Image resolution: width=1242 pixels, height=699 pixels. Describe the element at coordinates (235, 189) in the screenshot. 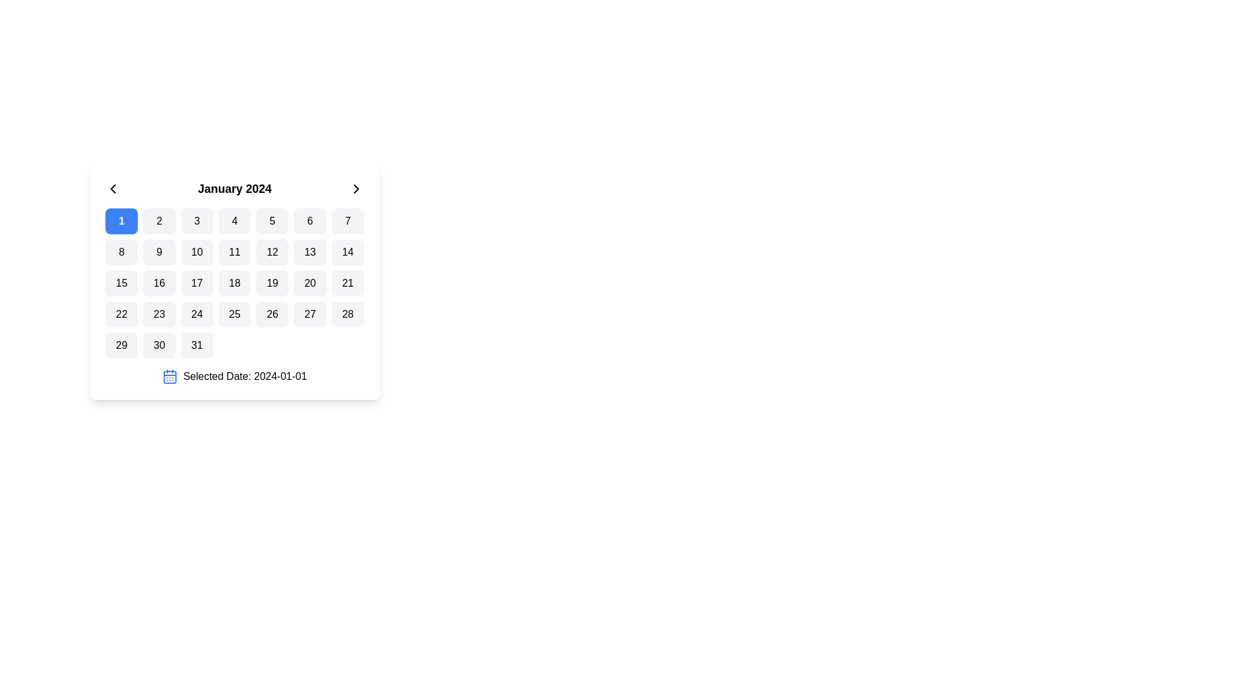

I see `the static text label displaying the currently selected month and year in the calendar view, located between two navigation arrow icons in the header area` at that location.